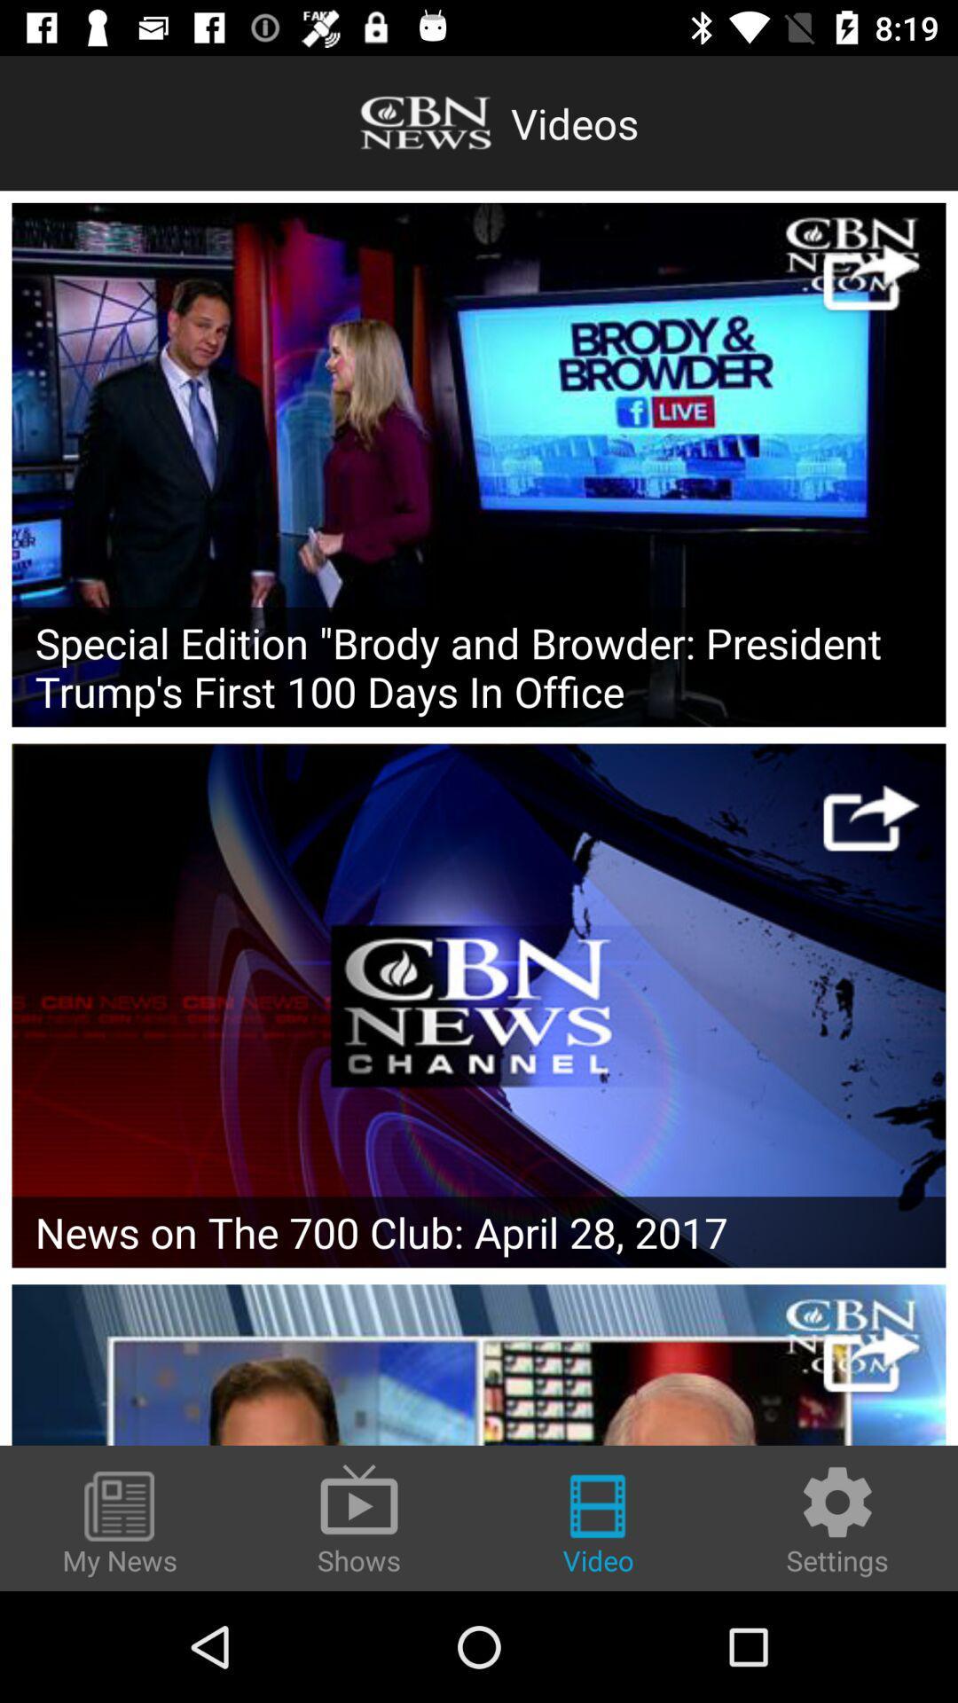 The height and width of the screenshot is (1703, 958). Describe the element at coordinates (870, 817) in the screenshot. I see `this button takes this video to full screen` at that location.